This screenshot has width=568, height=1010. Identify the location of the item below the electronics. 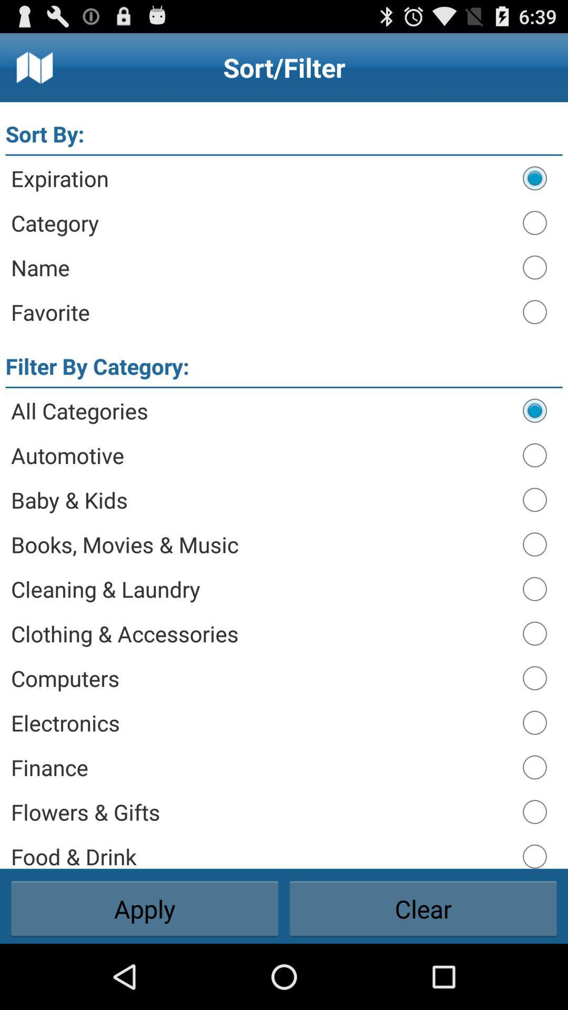
(261, 767).